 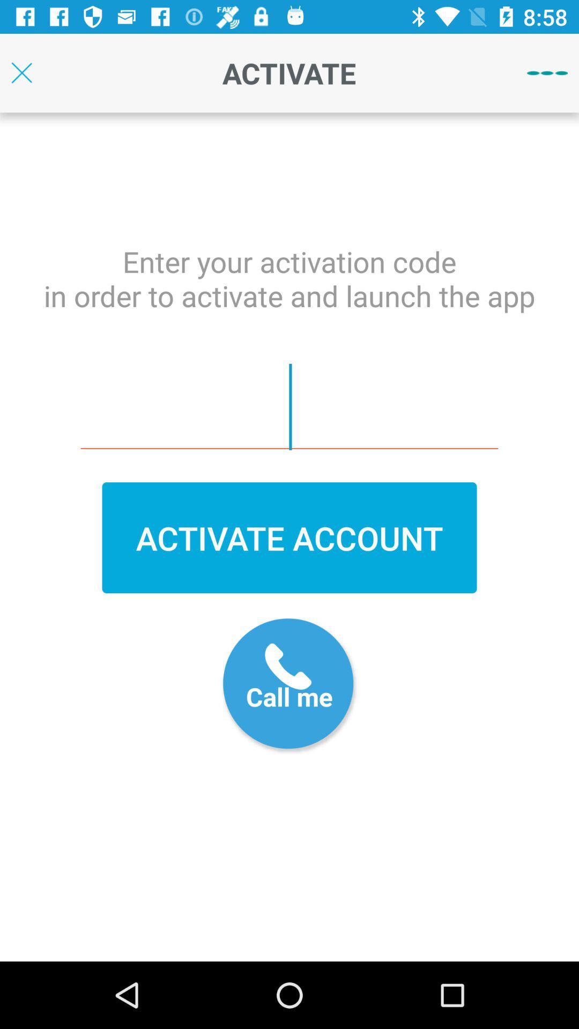 I want to click on window, so click(x=21, y=72).